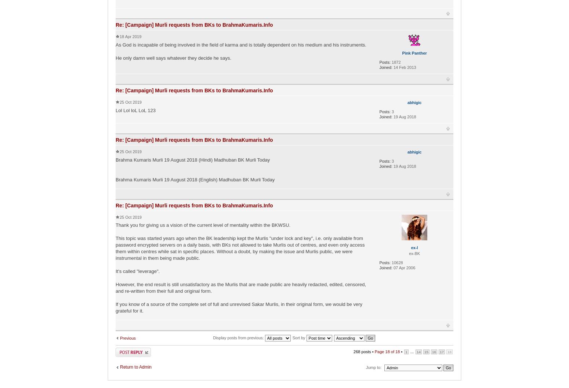 The image size is (569, 388). I want to click on 'Brahma Kumaris Murli 19 August 2018 (English) Madhuban BK Murli Today', so click(195, 179).